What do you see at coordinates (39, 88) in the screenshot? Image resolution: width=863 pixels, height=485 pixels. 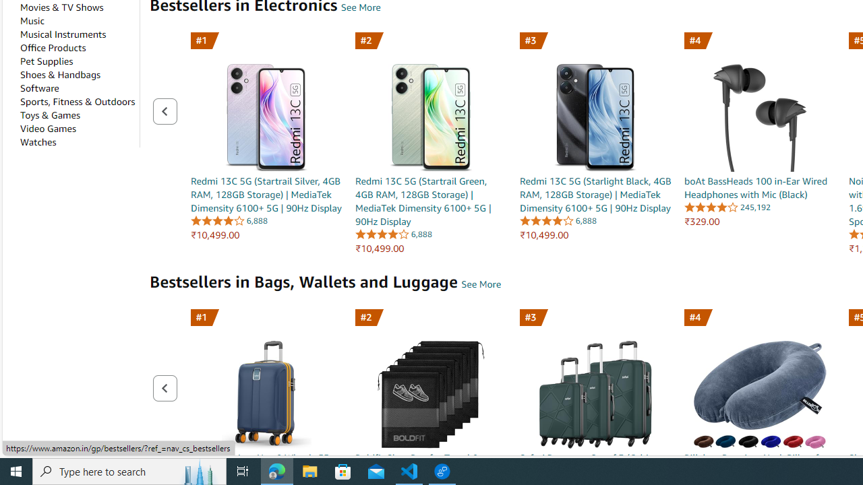 I see `'Software'` at bounding box center [39, 88].